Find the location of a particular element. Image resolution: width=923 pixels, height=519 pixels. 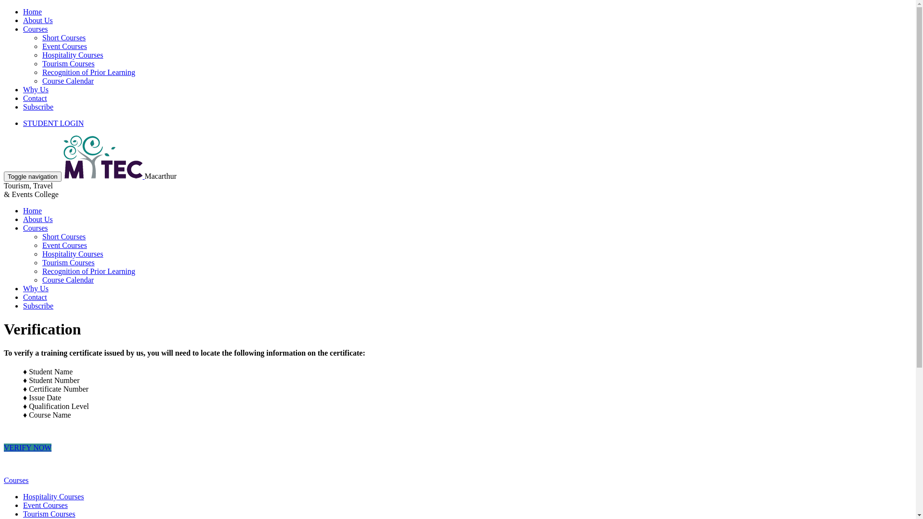

'Tourism Courses' is located at coordinates (49, 513).